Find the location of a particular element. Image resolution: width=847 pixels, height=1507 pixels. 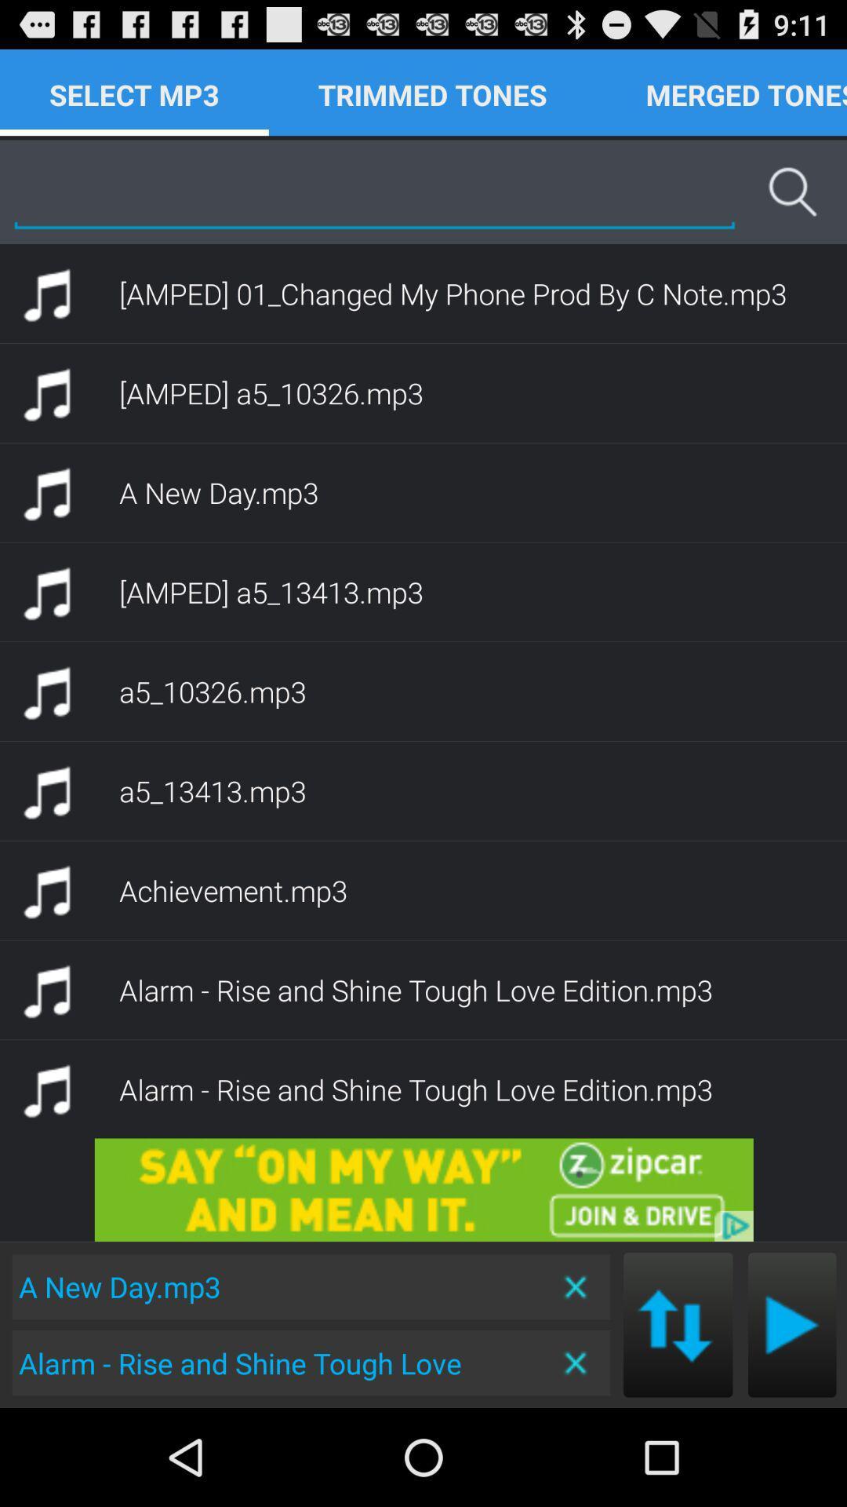

remove is located at coordinates (576, 1286).